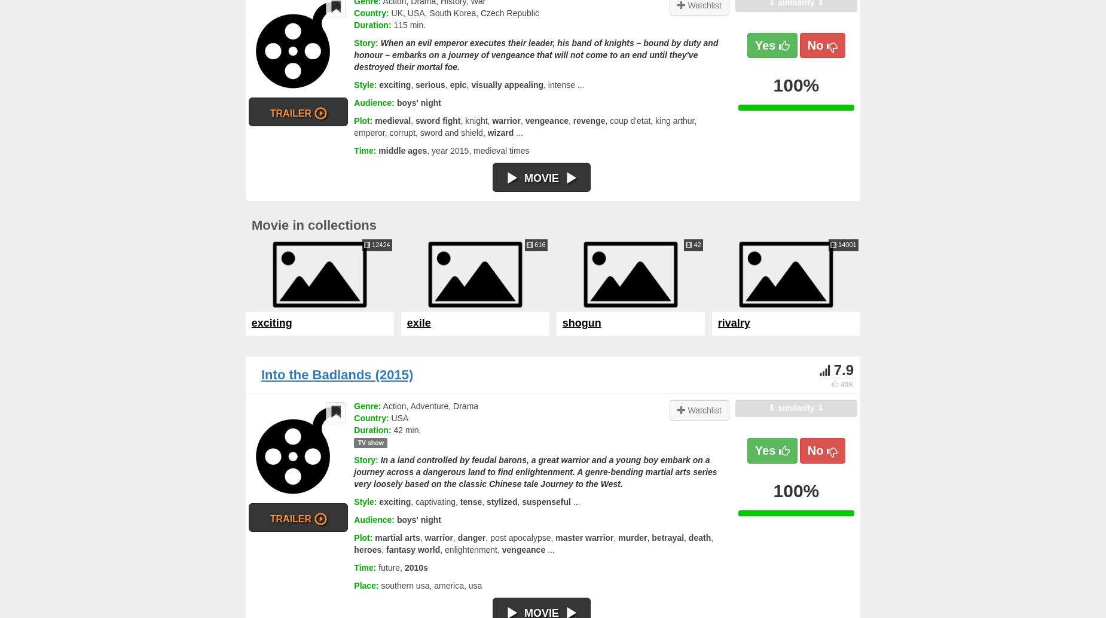 The height and width of the screenshot is (618, 1106). What do you see at coordinates (270, 322) in the screenshot?
I see `'exciting'` at bounding box center [270, 322].